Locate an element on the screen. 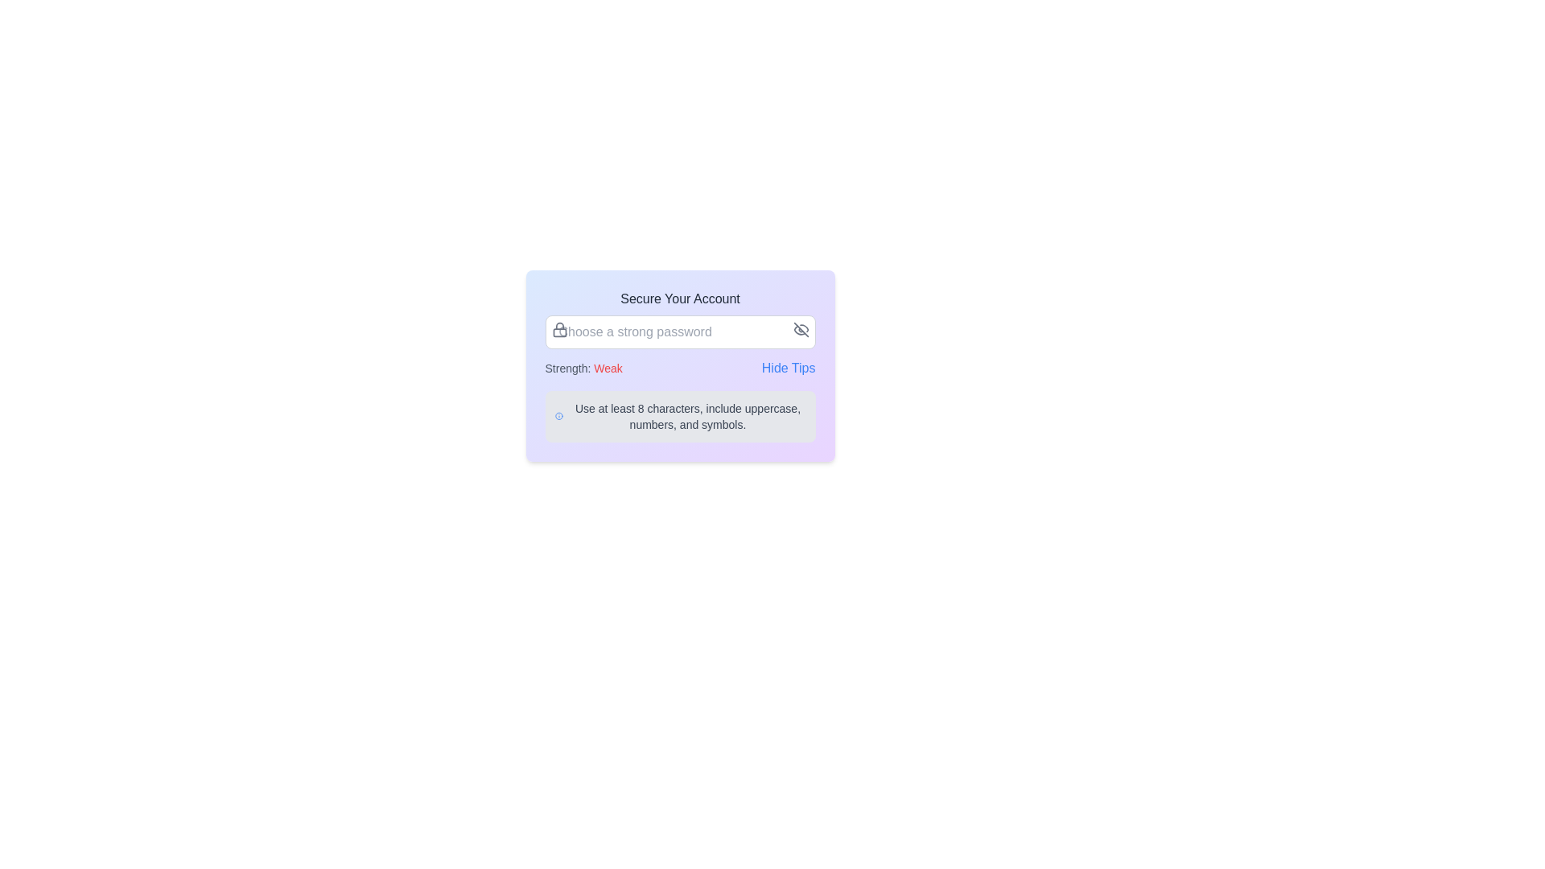 The image size is (1545, 869). the circular icon with a blue outline and a white center containing an information symbol ('i') is located at coordinates (559, 415).